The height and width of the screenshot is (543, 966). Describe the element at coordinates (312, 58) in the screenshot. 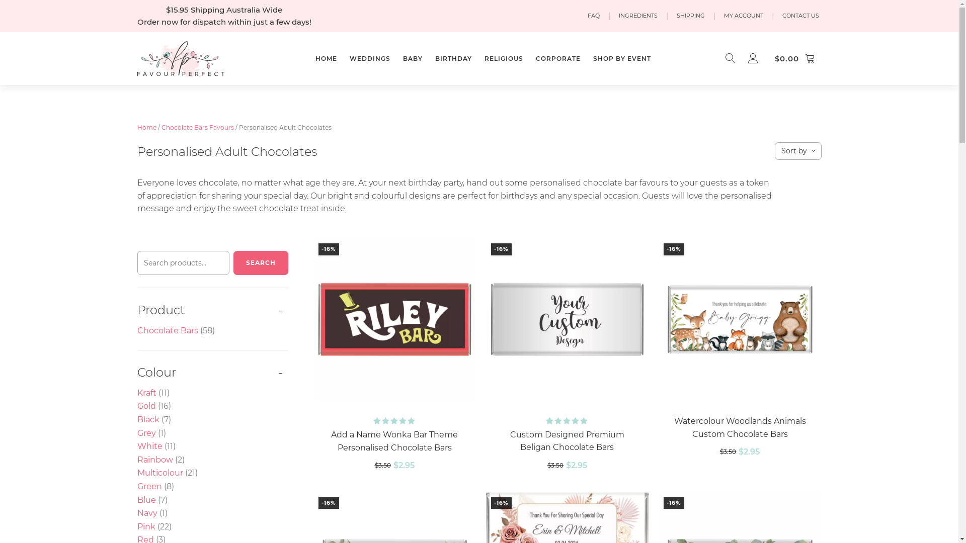

I see `'HOME'` at that location.